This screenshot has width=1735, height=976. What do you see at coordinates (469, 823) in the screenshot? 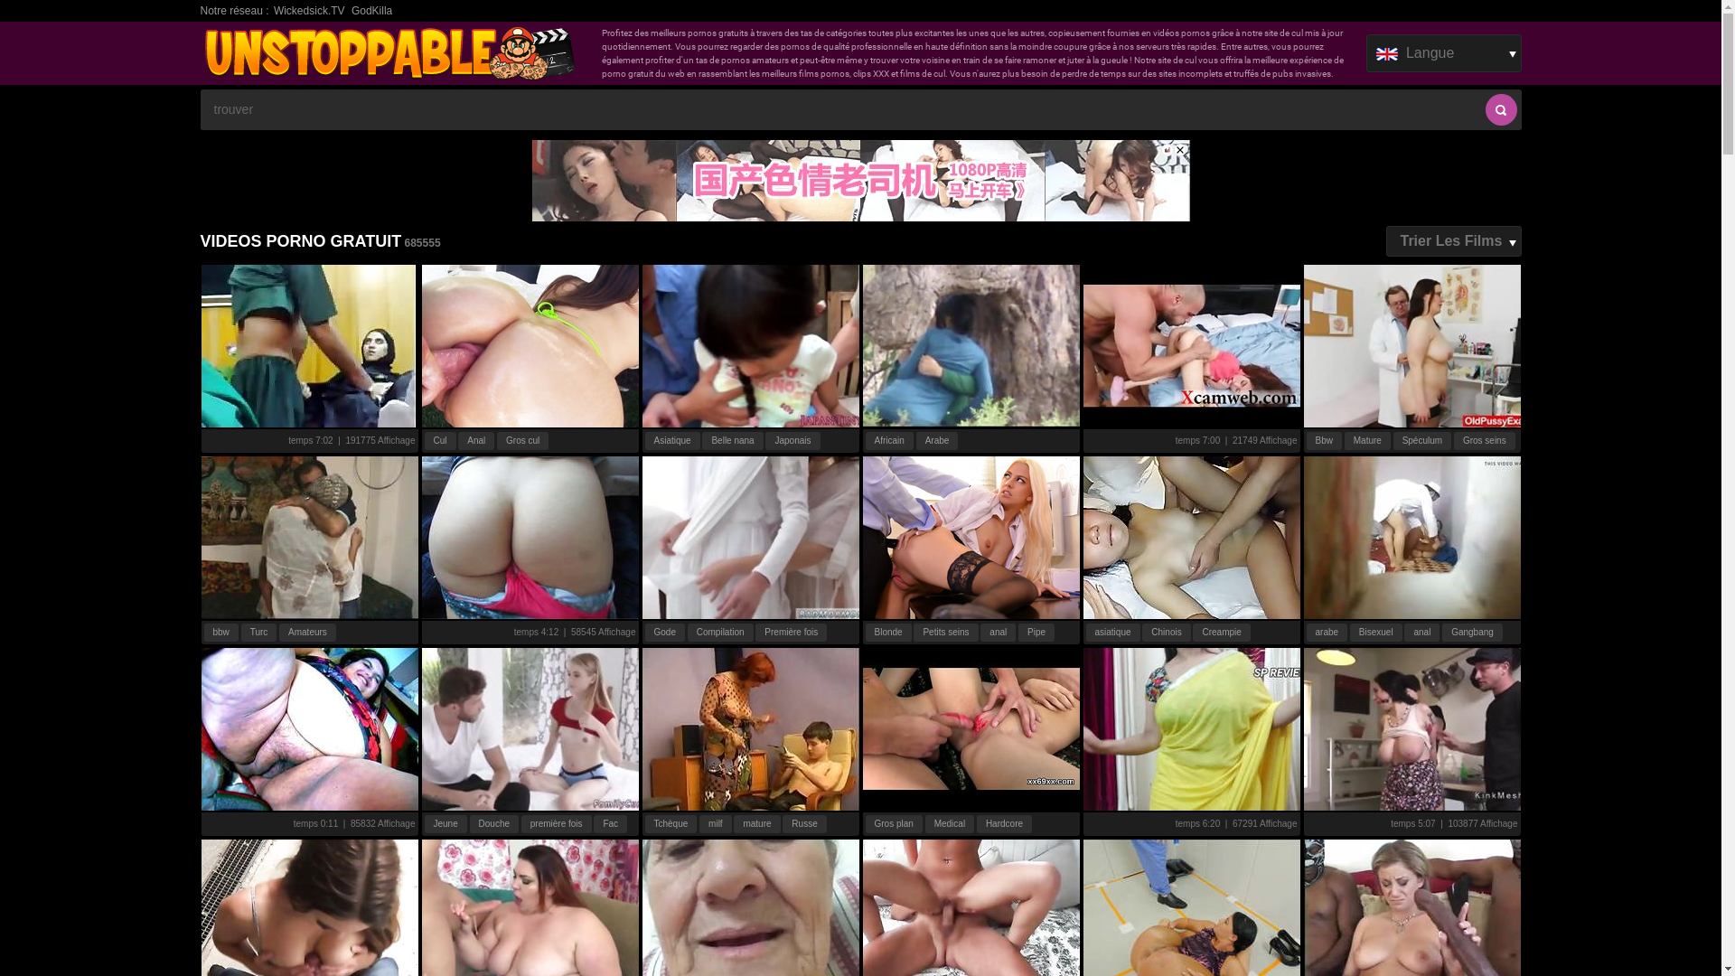
I see `'Douche'` at bounding box center [469, 823].